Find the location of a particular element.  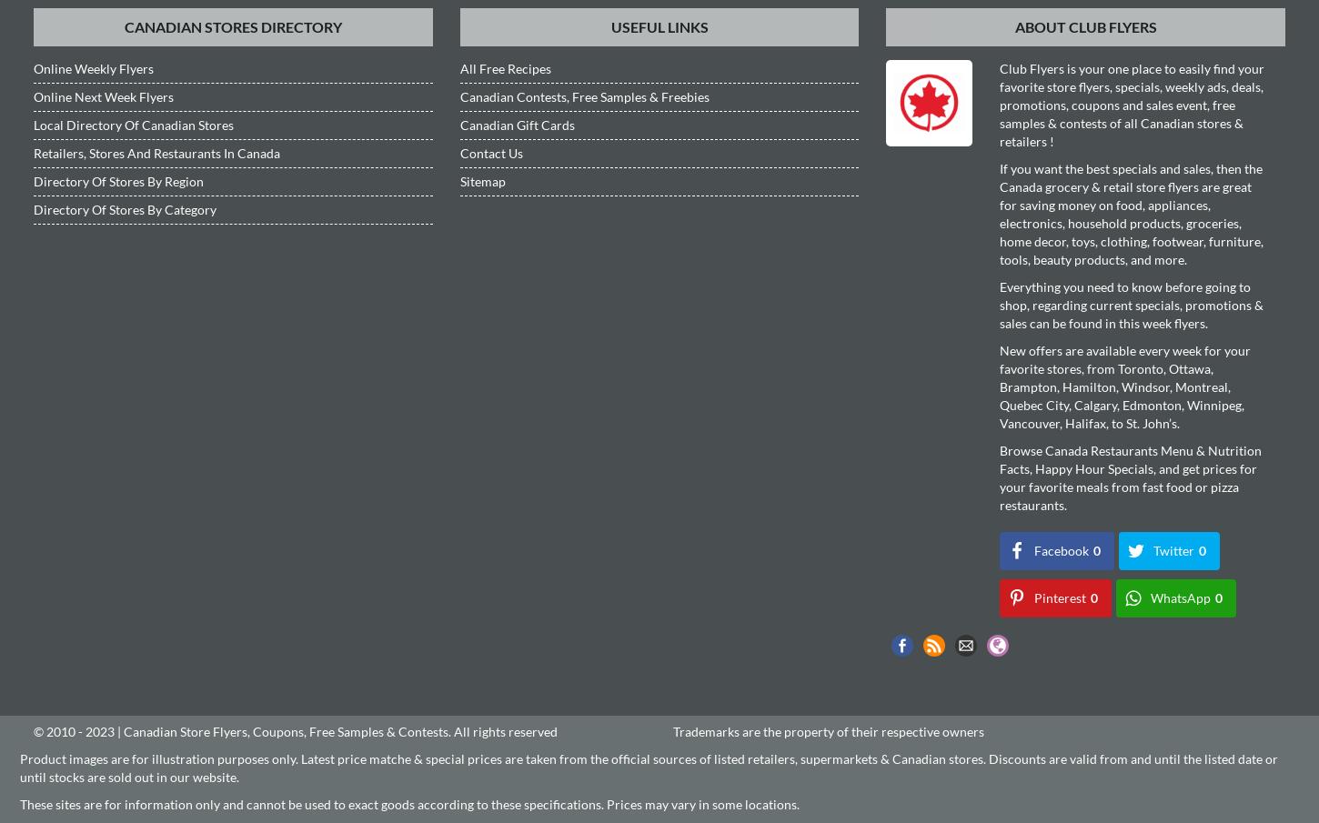

'Canadian Stores Directory' is located at coordinates (233, 25).